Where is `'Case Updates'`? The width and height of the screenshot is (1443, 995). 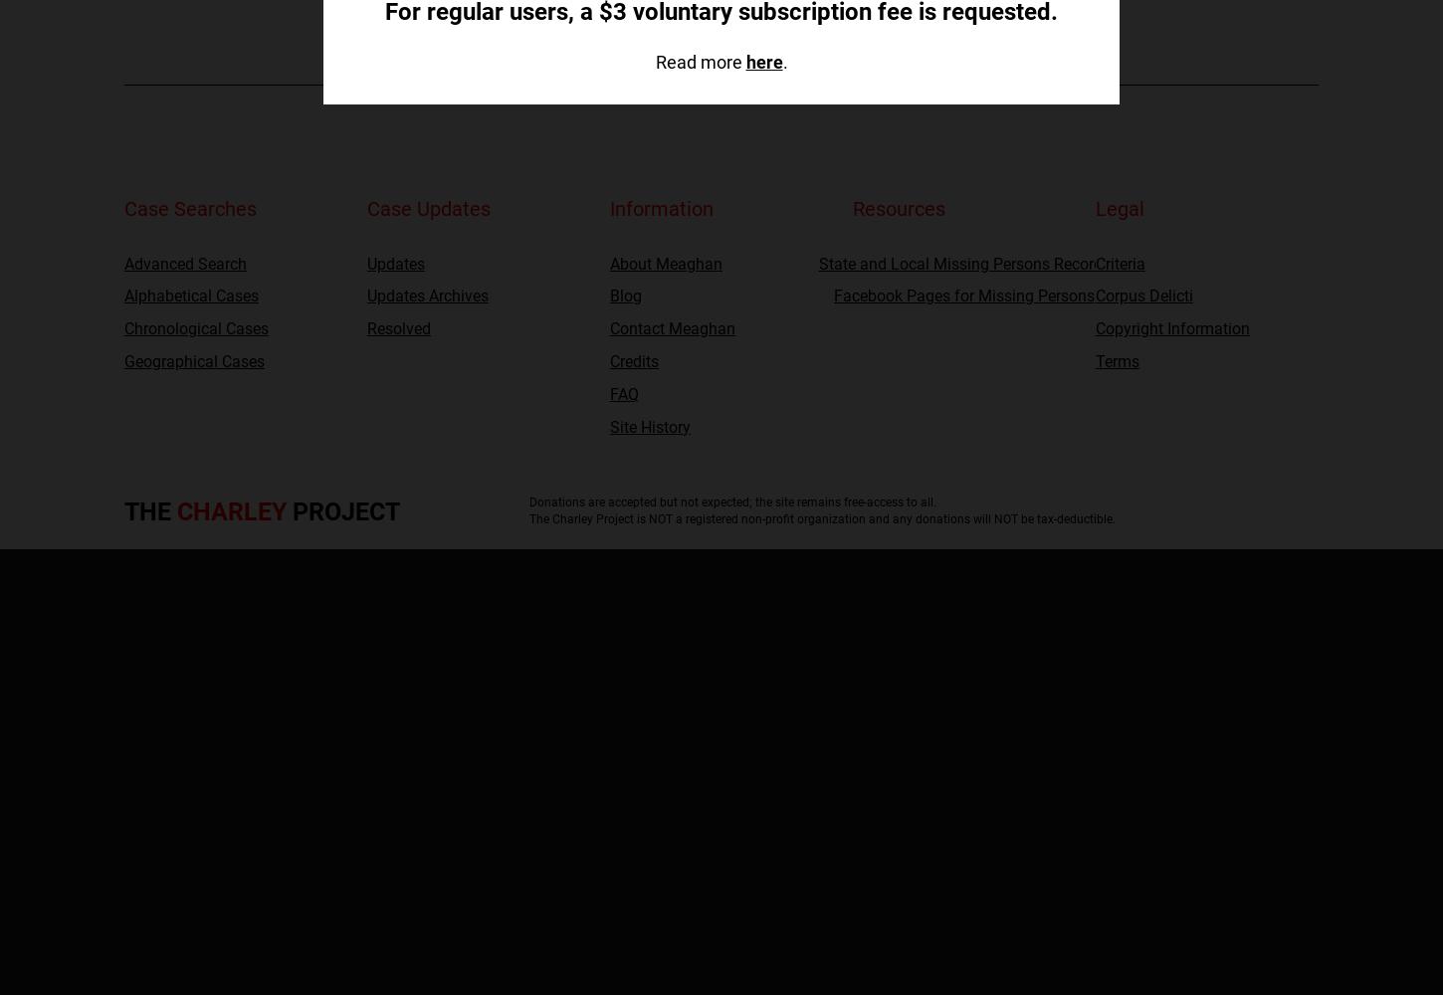
'Case Updates' is located at coordinates (427, 208).